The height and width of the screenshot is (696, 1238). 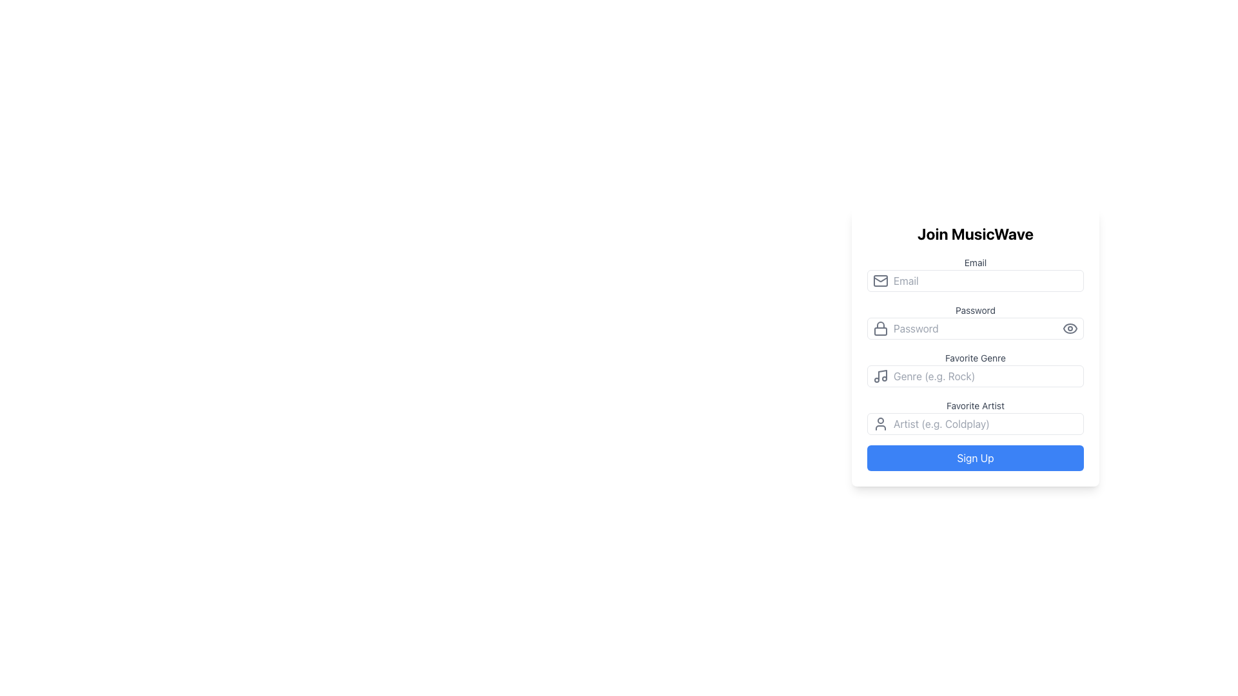 I want to click on the 'Favorite Artist' text input field, so click(x=975, y=416).